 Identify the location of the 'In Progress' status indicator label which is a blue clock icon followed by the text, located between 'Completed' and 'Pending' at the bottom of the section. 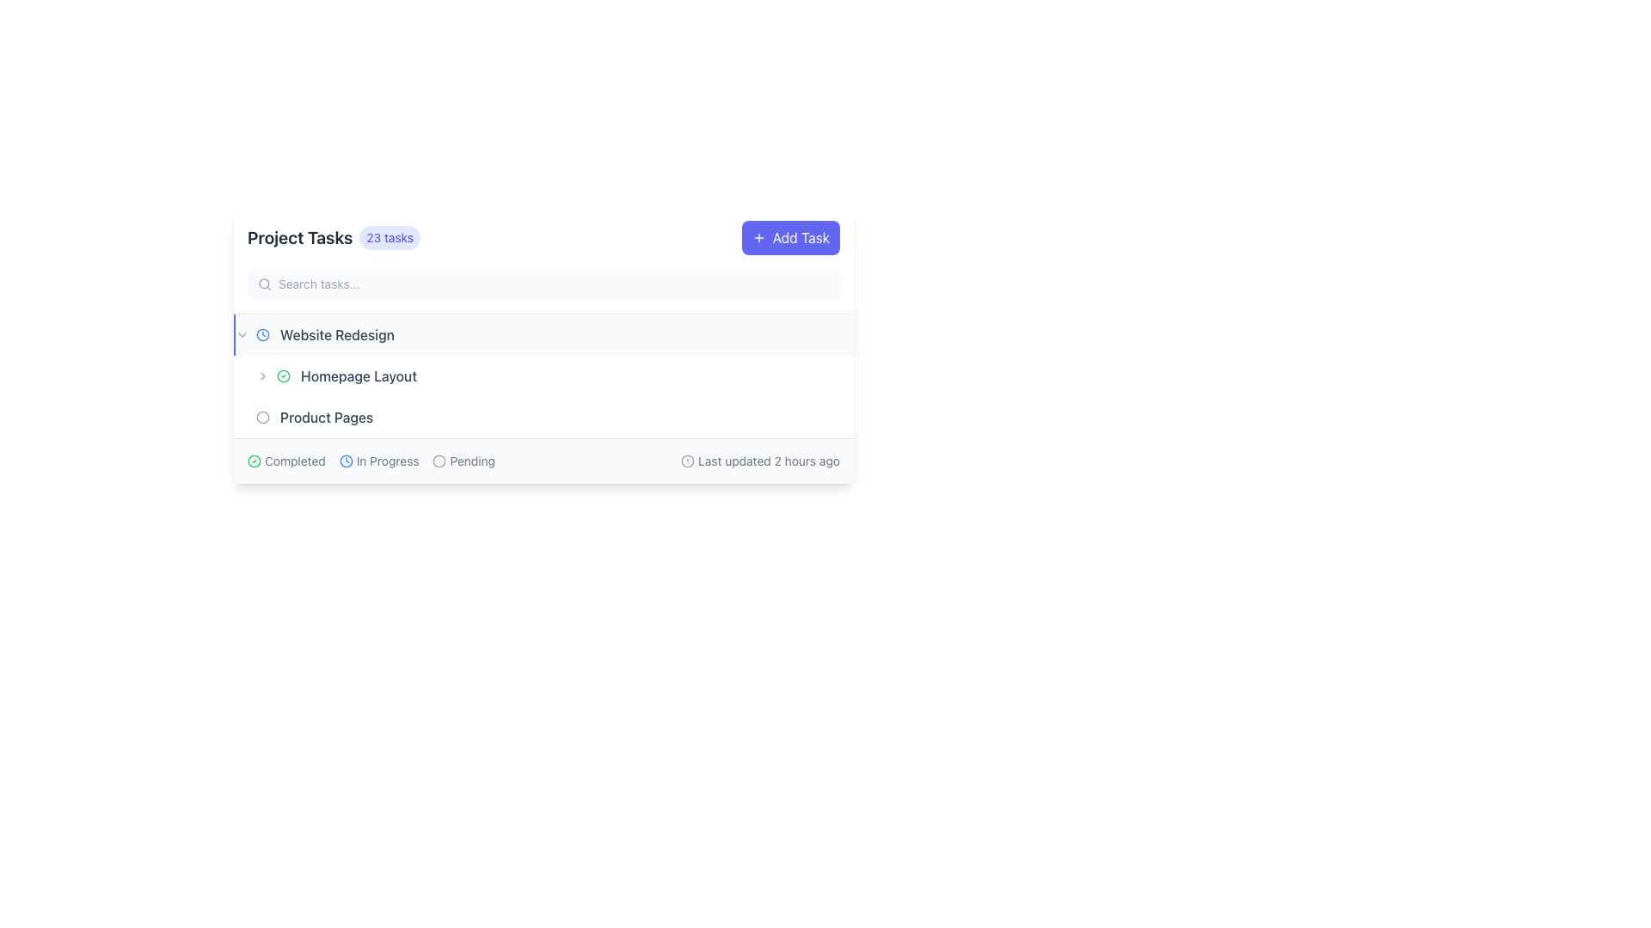
(378, 460).